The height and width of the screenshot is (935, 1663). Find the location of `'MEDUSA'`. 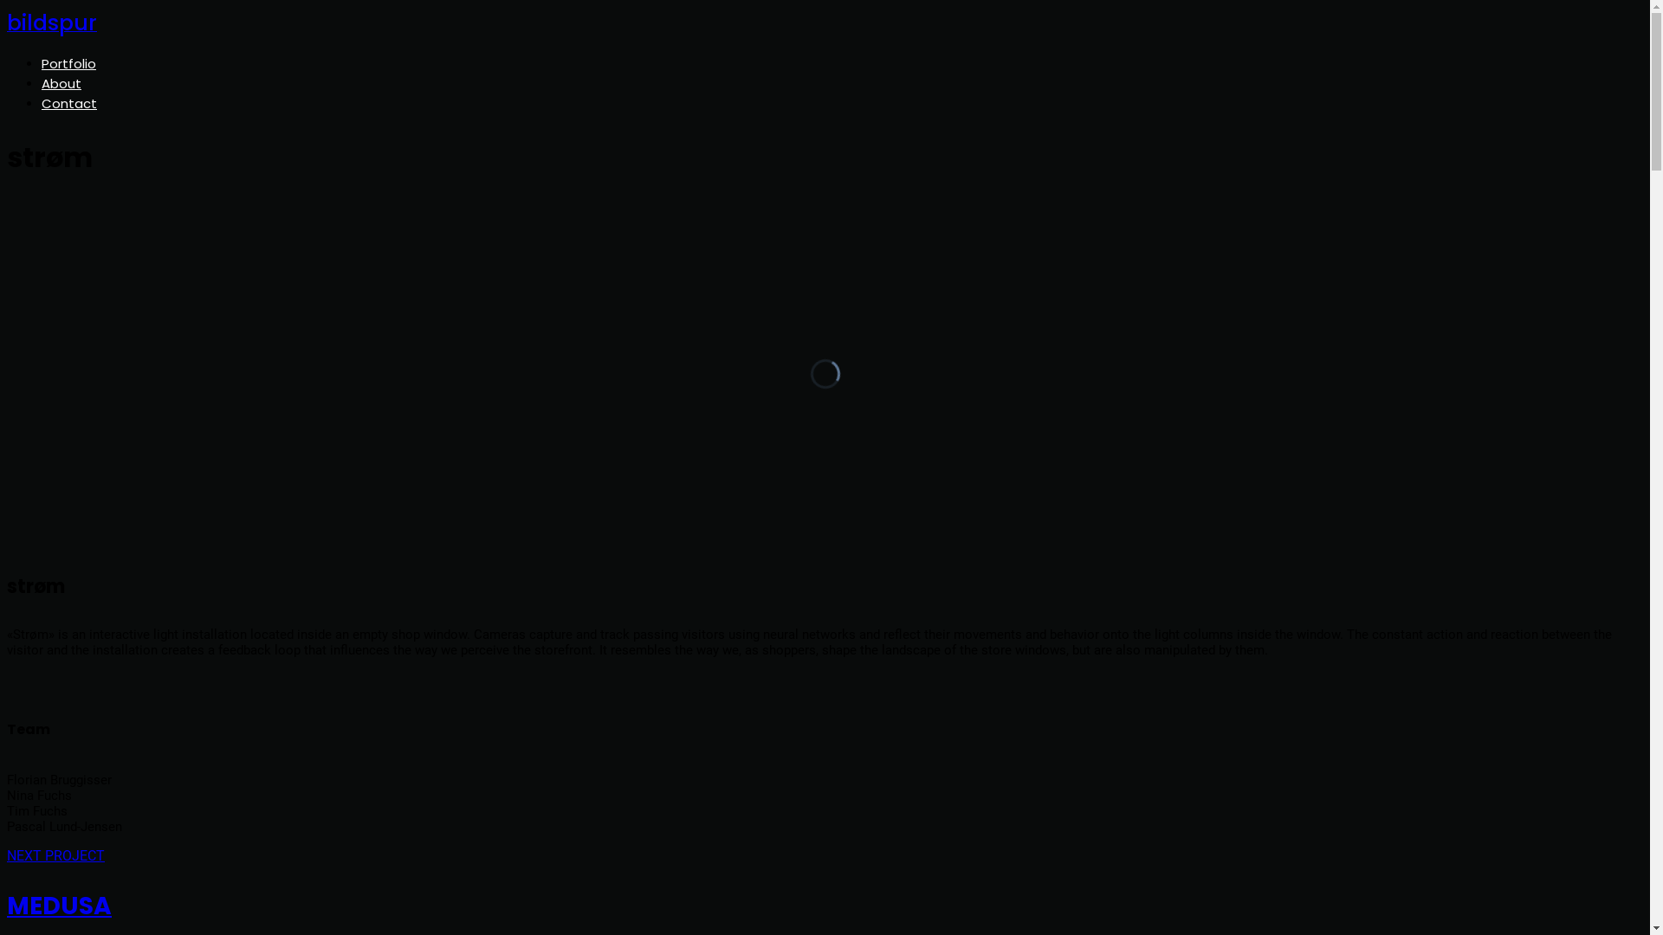

'MEDUSA' is located at coordinates (824, 905).